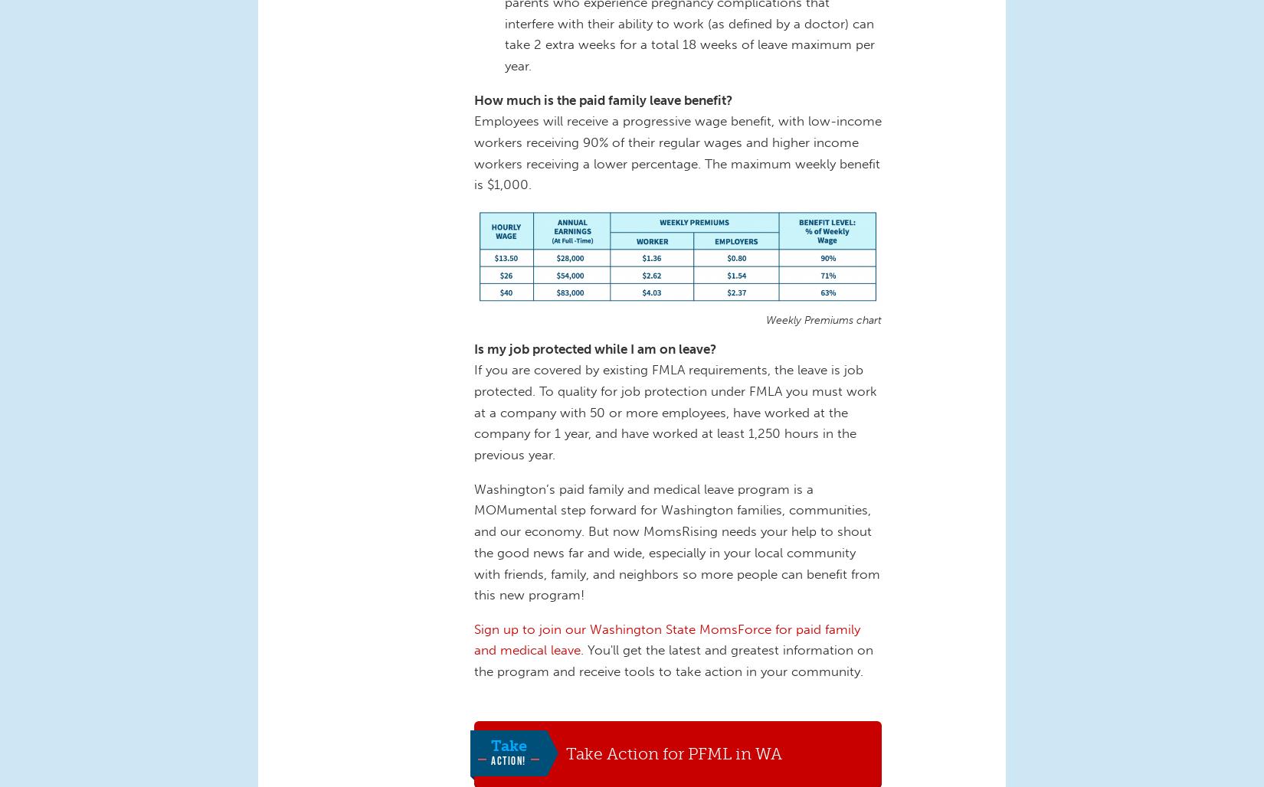  Describe the element at coordinates (675, 412) in the screenshot. I see `'If you are covered by existing FMLA requirements, the leave is job protected. To quality for job protection under FMLA you must work at a company with 50 or more employees, have worked at the company for 1 year, and have worked at least 1,250 hours in the previous year.'` at that location.